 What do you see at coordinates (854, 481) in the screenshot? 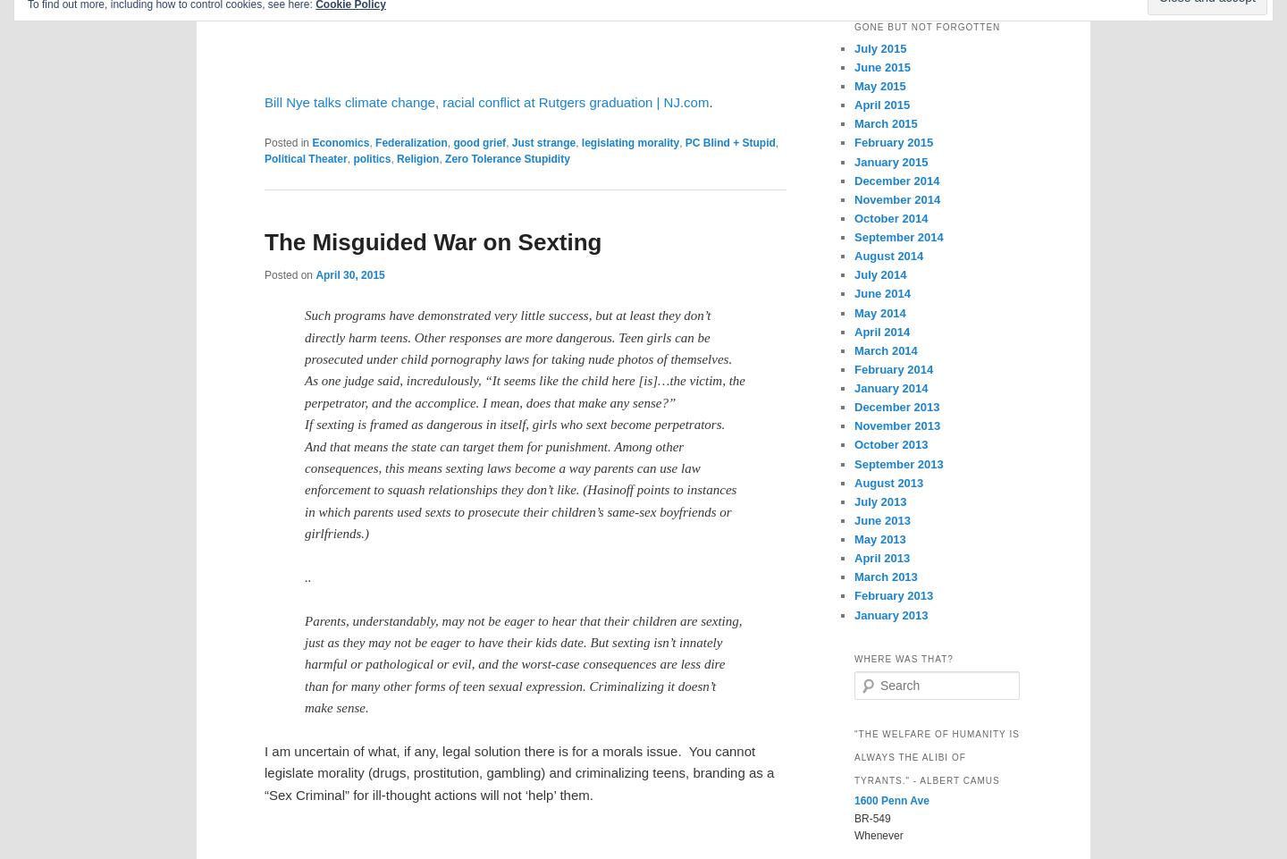
I see `'August 2013'` at bounding box center [854, 481].